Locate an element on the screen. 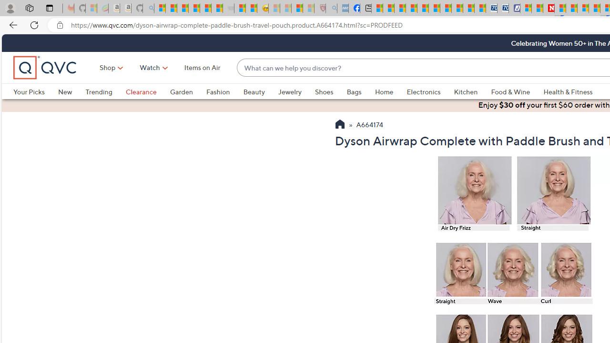 The width and height of the screenshot is (610, 343). 'Your Picks' is located at coordinates (35, 91).